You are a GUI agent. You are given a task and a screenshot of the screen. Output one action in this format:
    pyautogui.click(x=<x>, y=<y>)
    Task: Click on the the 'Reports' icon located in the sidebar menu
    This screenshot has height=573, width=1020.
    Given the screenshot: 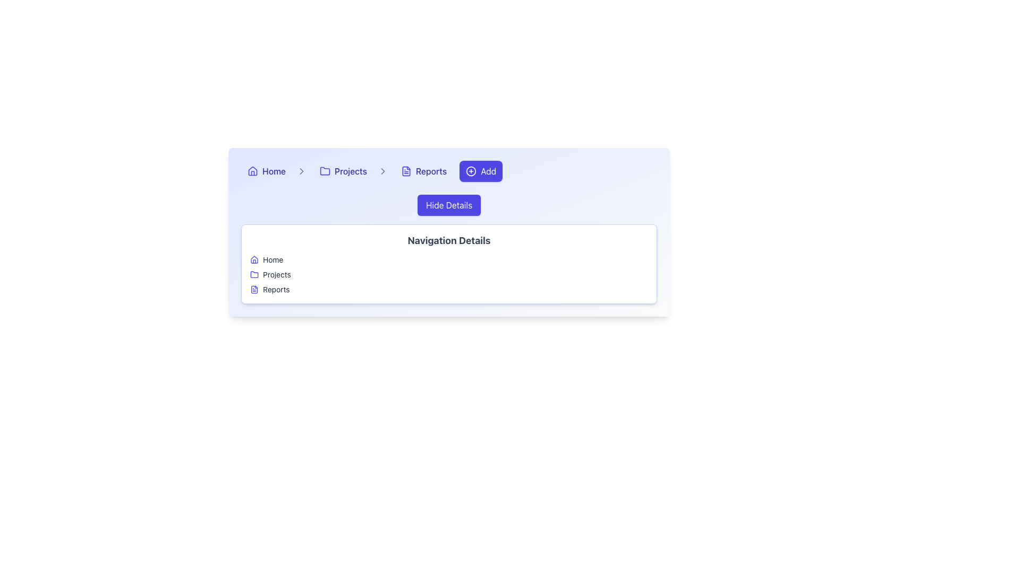 What is the action you would take?
    pyautogui.click(x=254, y=290)
    